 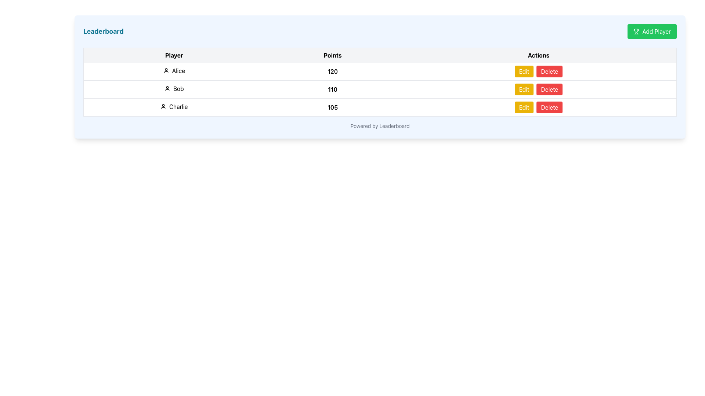 What do you see at coordinates (332, 89) in the screenshot?
I see `score attributed to the player 'Bob' in the leaderboard, which is the second entry under the 'Points' column` at bounding box center [332, 89].